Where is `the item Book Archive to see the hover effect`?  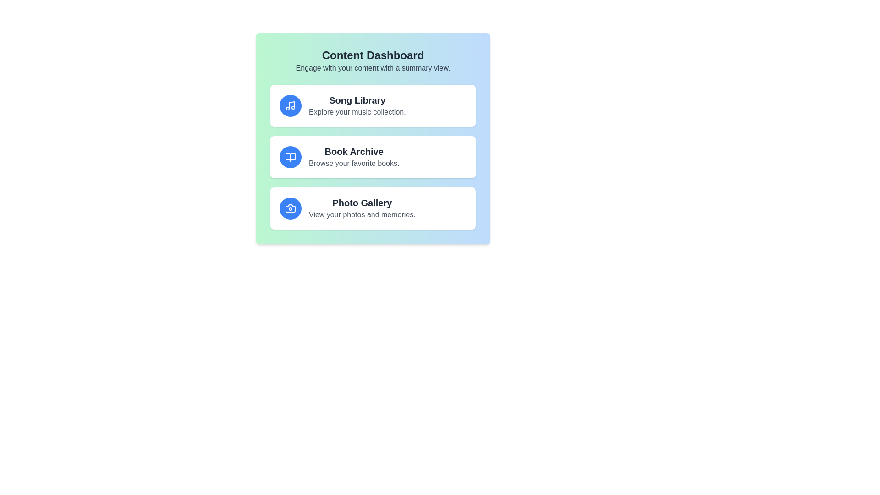 the item Book Archive to see the hover effect is located at coordinates (373, 157).